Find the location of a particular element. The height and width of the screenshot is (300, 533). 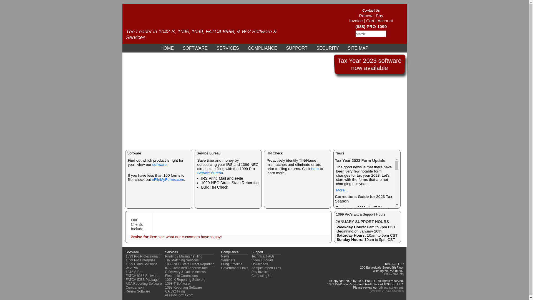

'1098-T Software' is located at coordinates (177, 284).